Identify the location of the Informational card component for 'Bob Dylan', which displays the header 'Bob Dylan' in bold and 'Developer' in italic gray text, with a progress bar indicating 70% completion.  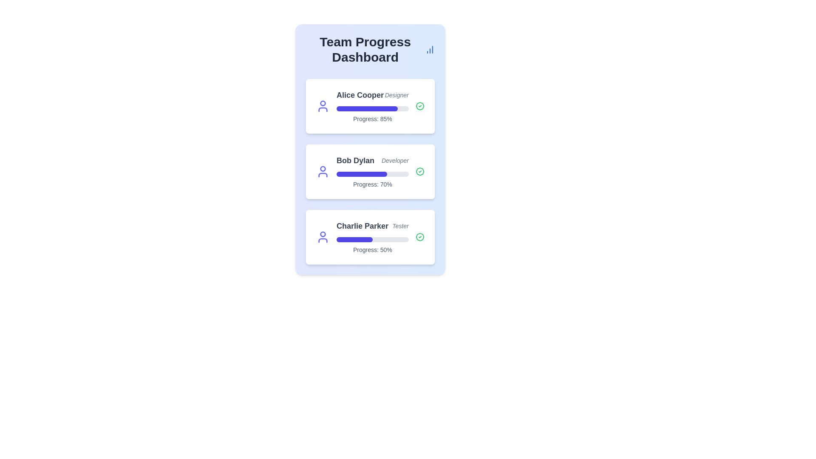
(372, 172).